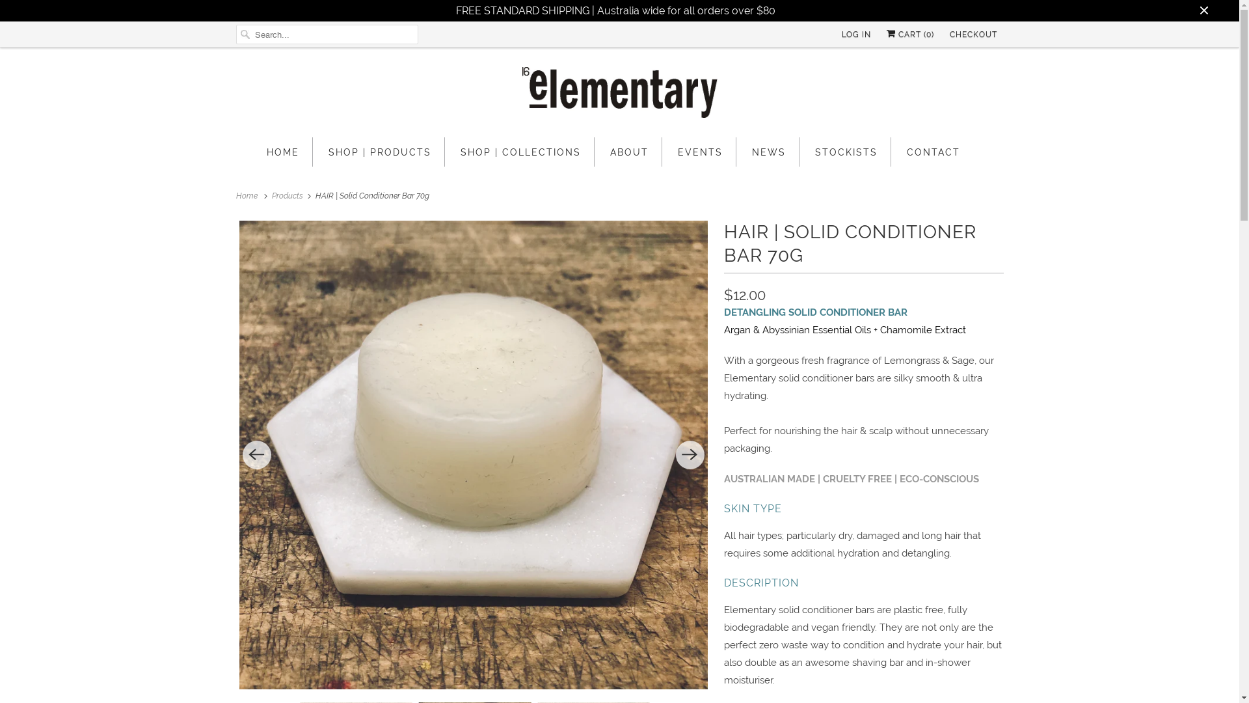  I want to click on 'ELEMENTARY Skin Care', so click(618, 94).